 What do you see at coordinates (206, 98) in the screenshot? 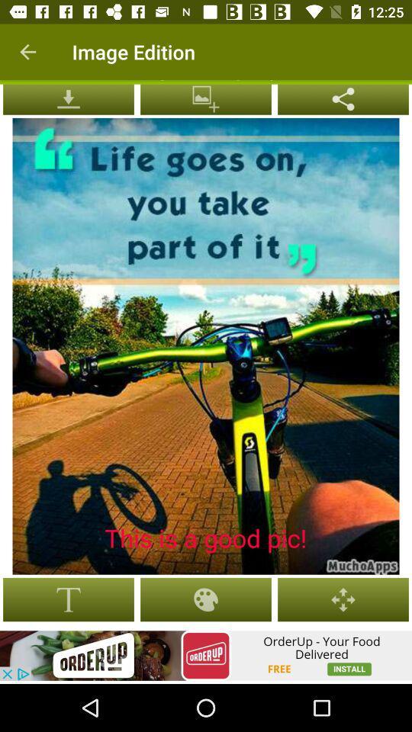
I see `the more icon` at bounding box center [206, 98].